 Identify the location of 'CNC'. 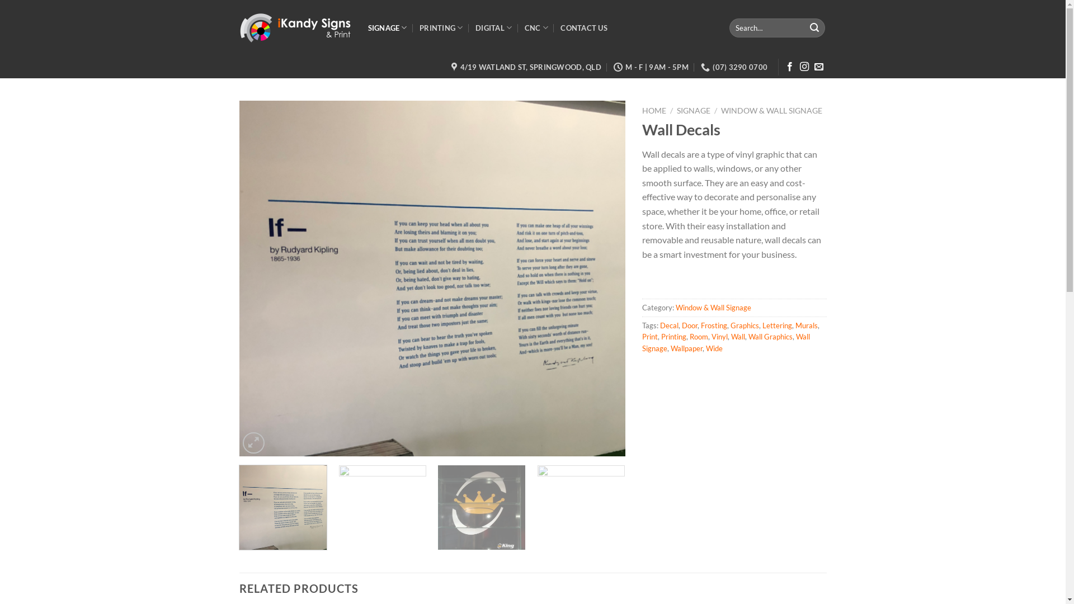
(524, 27).